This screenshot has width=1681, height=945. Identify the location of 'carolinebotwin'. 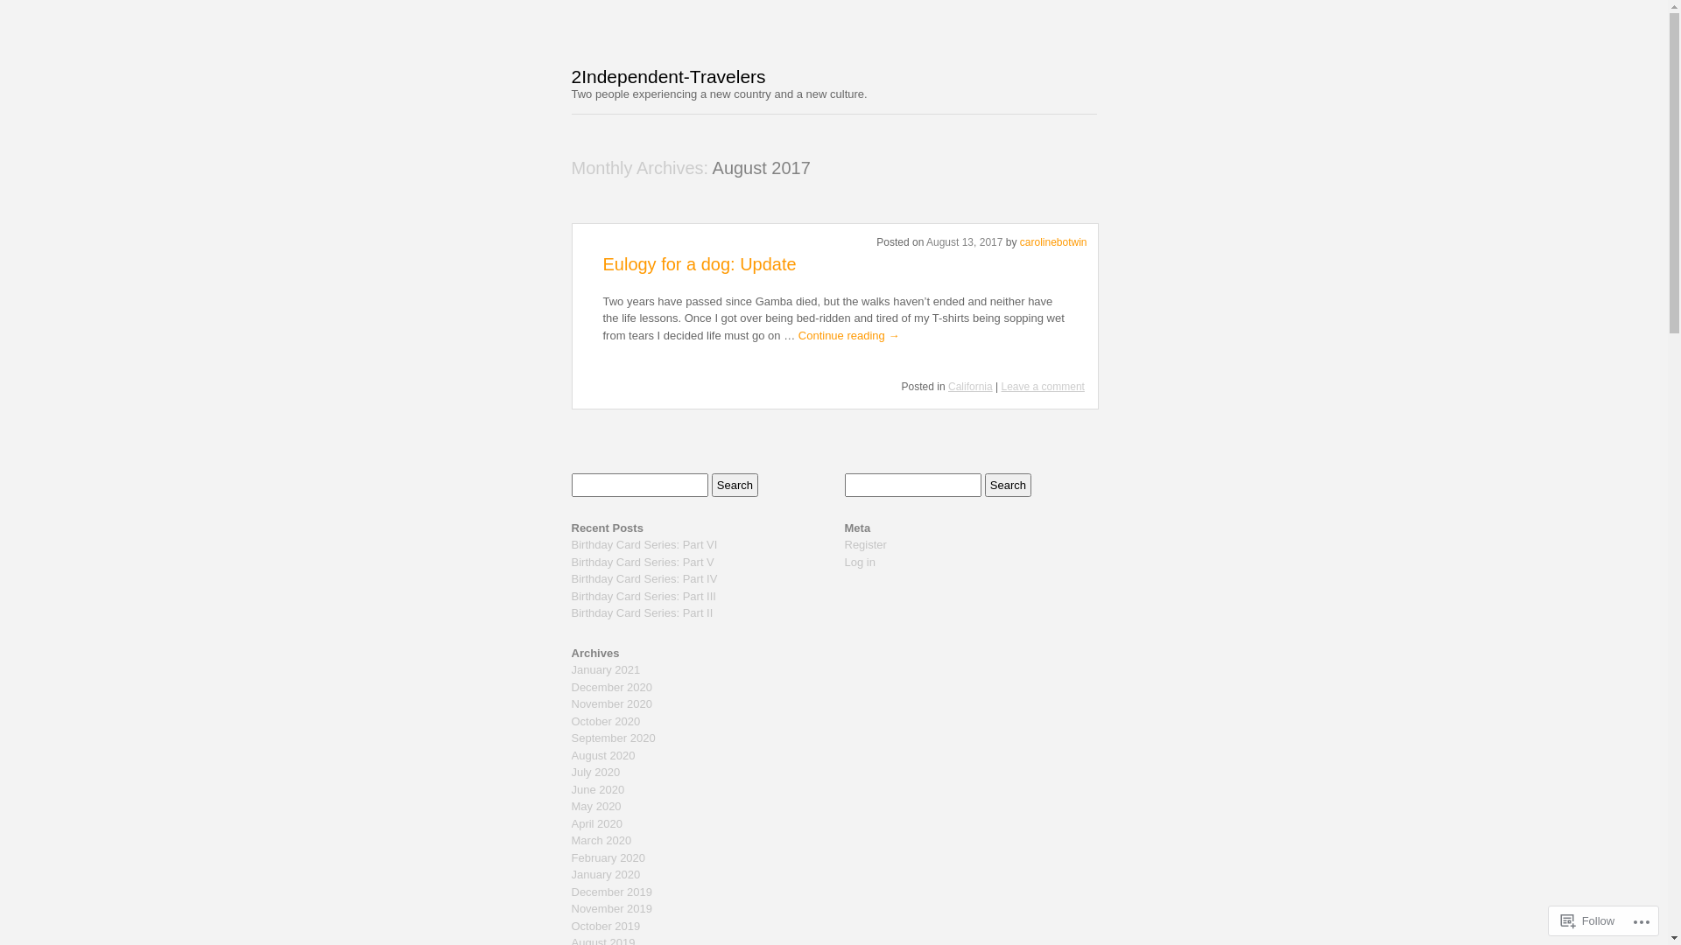
(1020, 242).